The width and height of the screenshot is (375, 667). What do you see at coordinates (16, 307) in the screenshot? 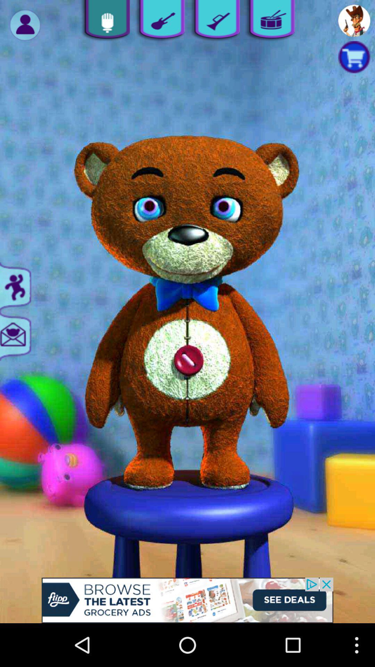
I see `the sliders icon` at bounding box center [16, 307].